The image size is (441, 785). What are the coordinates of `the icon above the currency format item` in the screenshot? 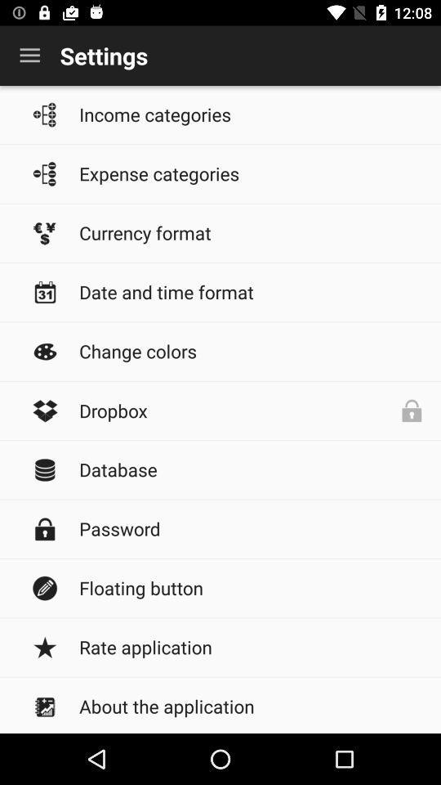 It's located at (252, 173).